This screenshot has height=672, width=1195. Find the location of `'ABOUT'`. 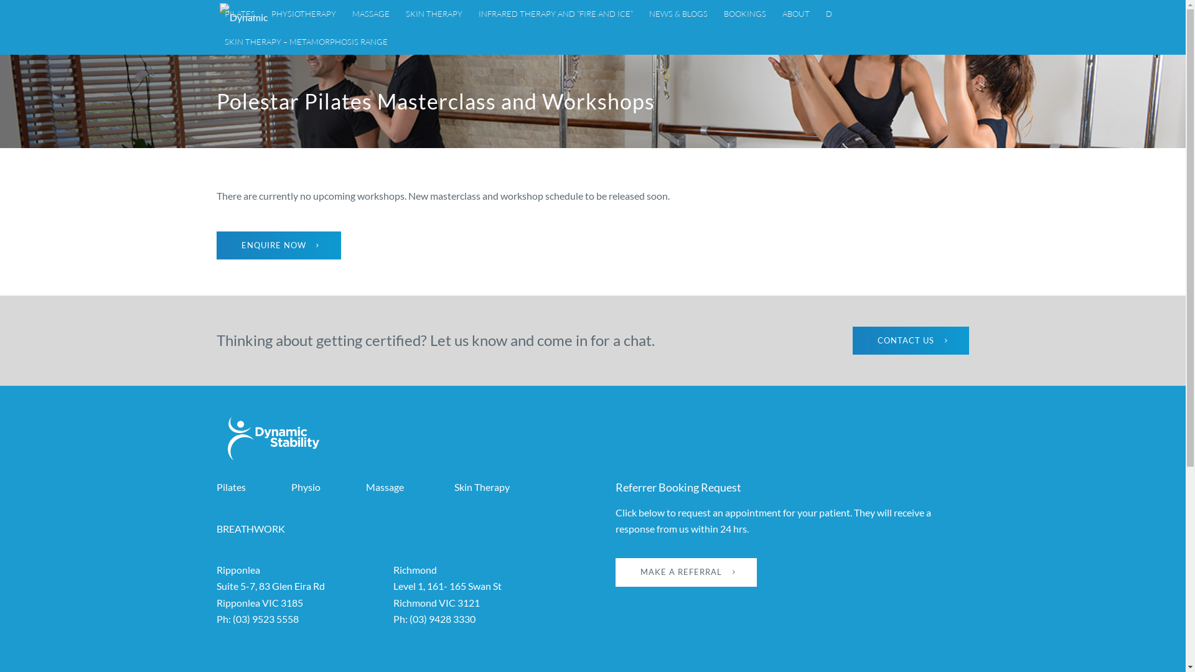

'ABOUT' is located at coordinates (795, 14).